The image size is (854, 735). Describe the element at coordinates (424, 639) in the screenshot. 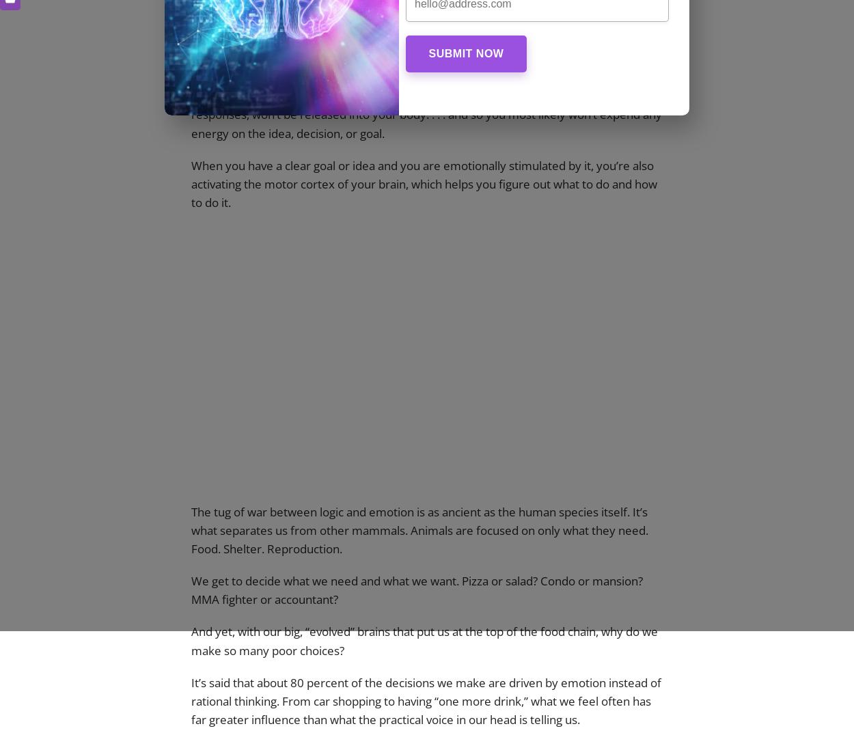

I see `'And yet, with our big, “evolved” brains that put us at the top of the food chain, why do we make so many poor choices?'` at that location.